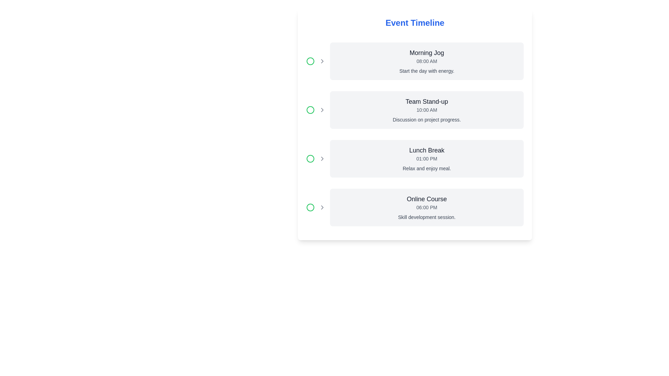 The image size is (669, 376). What do you see at coordinates (426, 168) in the screenshot?
I see `the text label that says 'Relax and enjoy meal.'` at bounding box center [426, 168].